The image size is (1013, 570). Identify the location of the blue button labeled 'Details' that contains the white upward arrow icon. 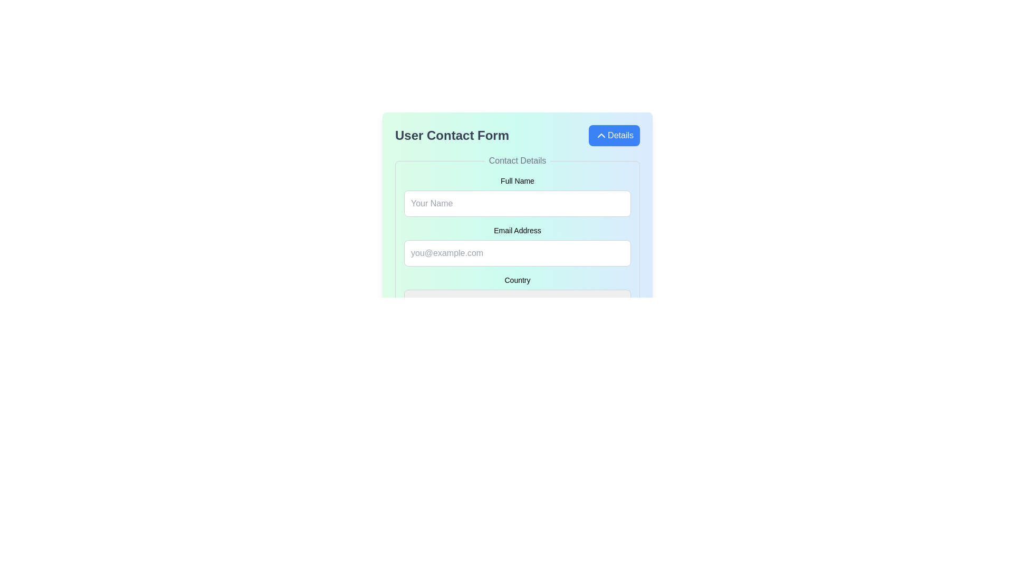
(601, 135).